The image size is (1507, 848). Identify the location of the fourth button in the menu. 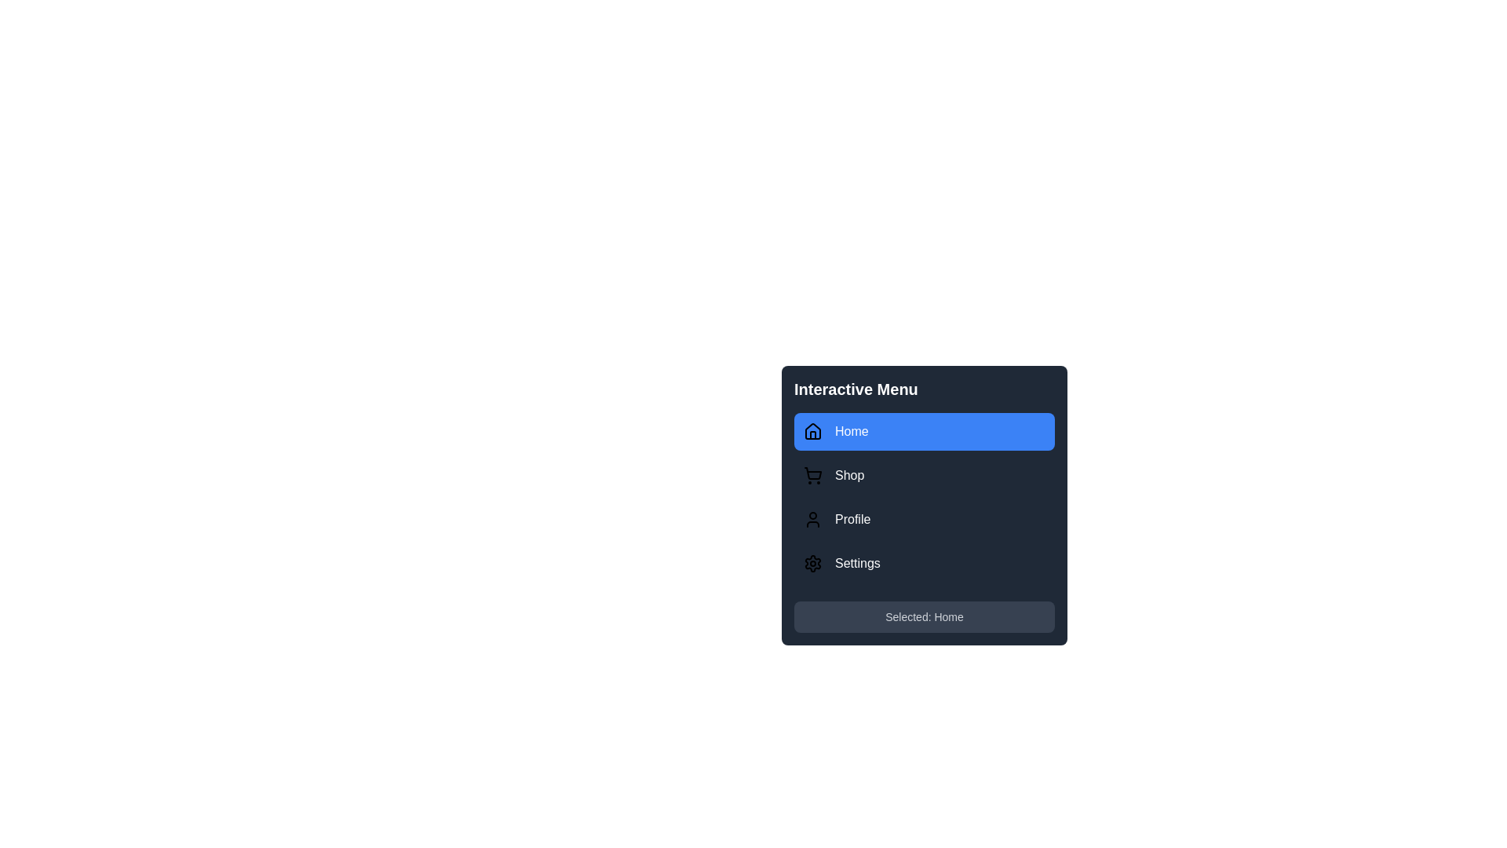
(924, 562).